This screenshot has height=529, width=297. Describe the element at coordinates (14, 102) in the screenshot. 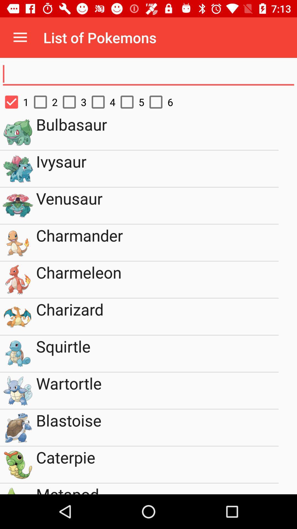

I see `item to the left of the 2` at that location.